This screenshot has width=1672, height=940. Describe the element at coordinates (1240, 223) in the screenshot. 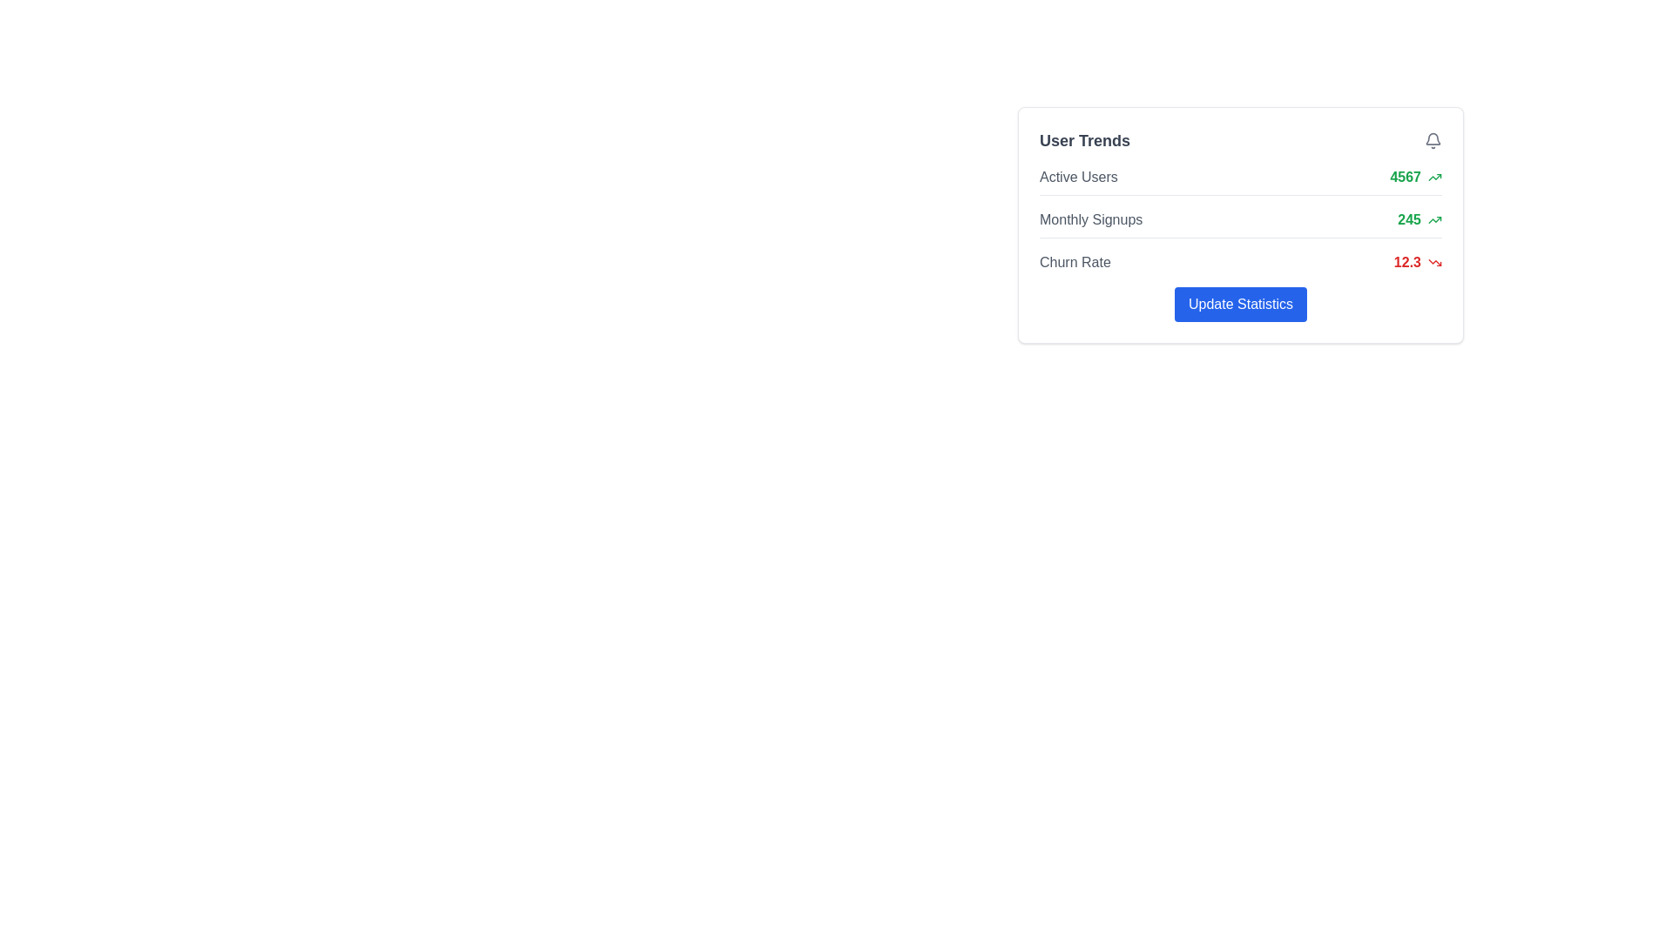

I see `the information display row indicating the number of monthly signups, which is the second item in the 'User Trends' section, positioned below 'Active Users'` at that location.